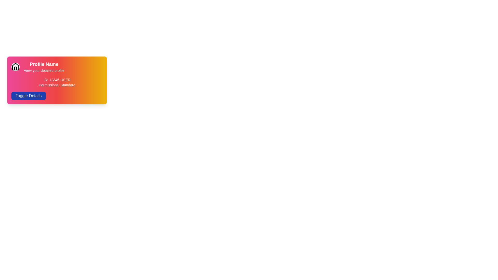  I want to click on the Text Label displaying the unique identifier '12345-USER' at the top center of the gradient card, so click(57, 80).